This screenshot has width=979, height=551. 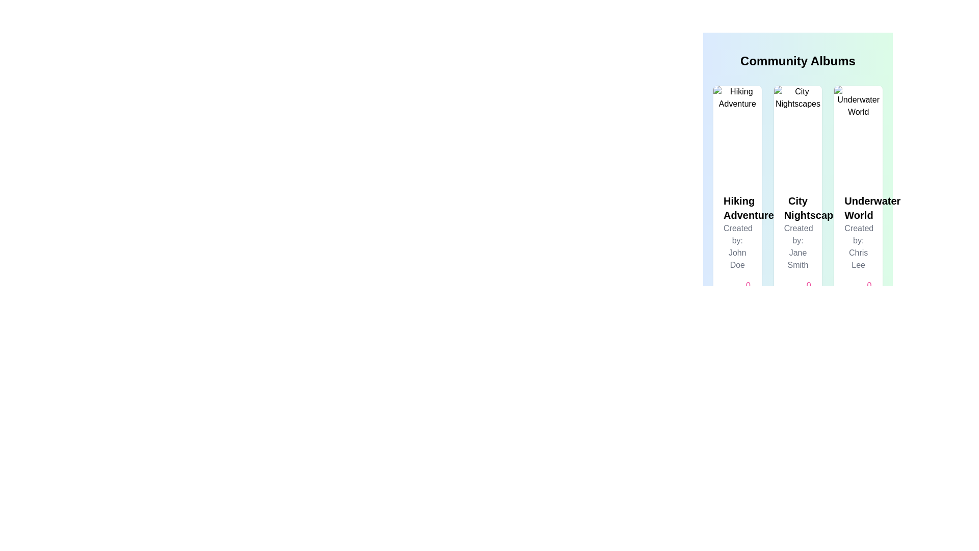 What do you see at coordinates (858, 134) in the screenshot?
I see `the image placeholder located at the top center of the rightmost card in the horizontally aligned list` at bounding box center [858, 134].